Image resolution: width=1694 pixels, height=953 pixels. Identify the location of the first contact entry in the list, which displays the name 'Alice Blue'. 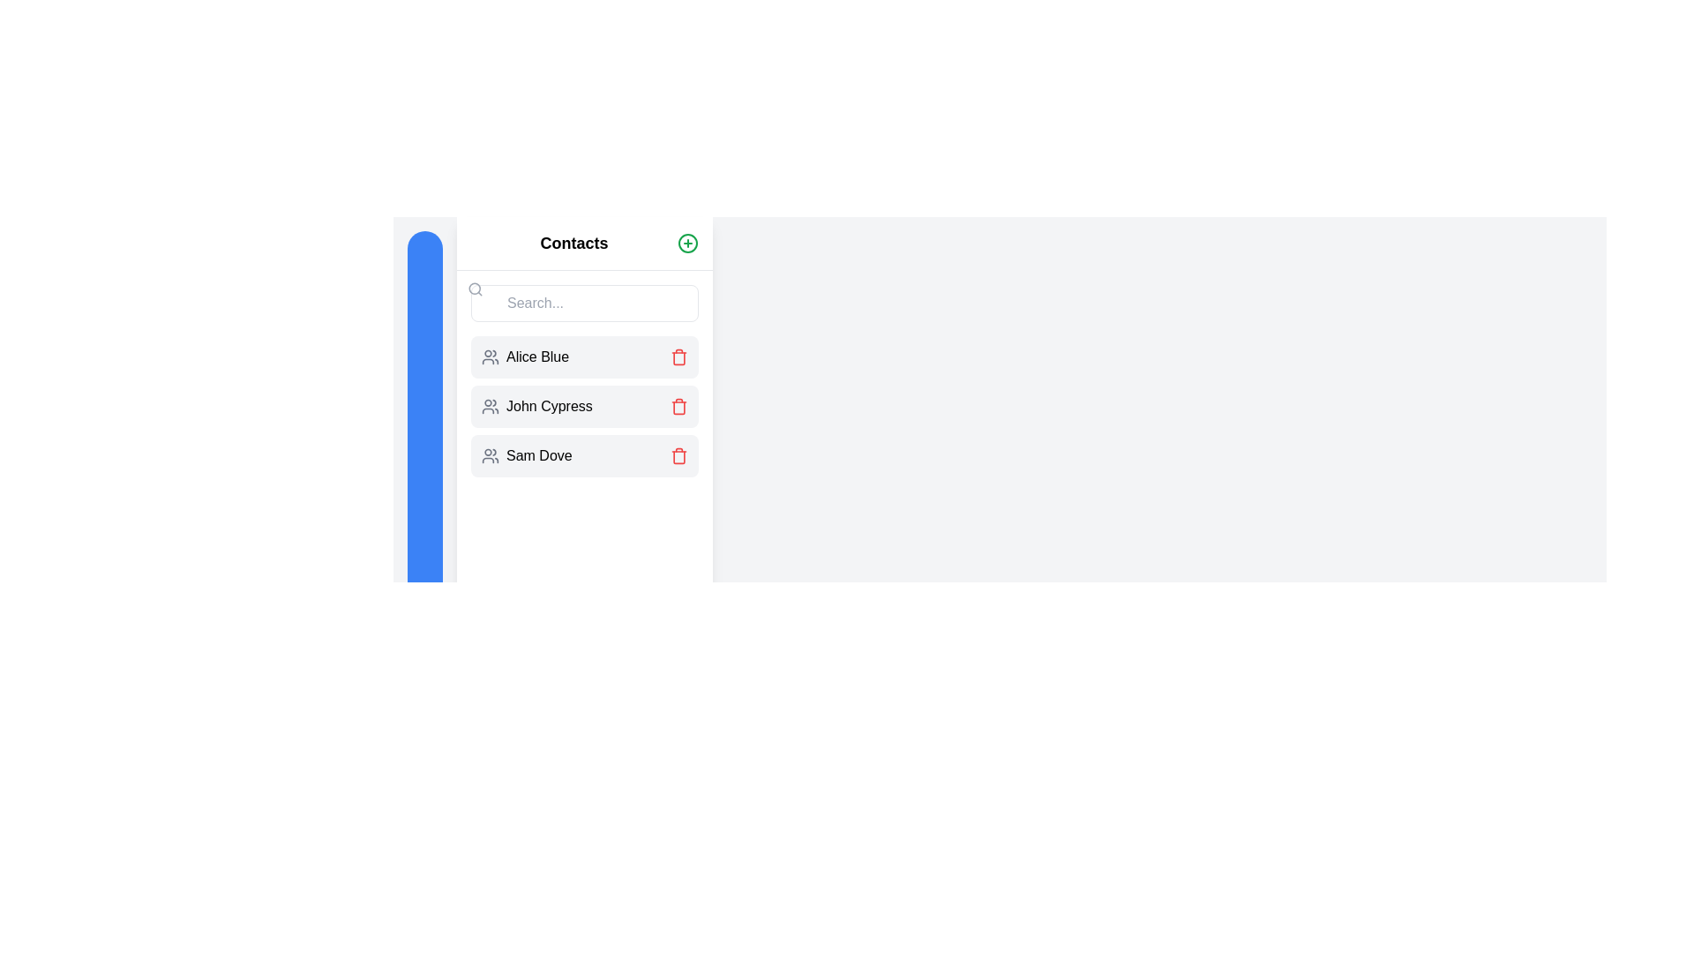
(584, 357).